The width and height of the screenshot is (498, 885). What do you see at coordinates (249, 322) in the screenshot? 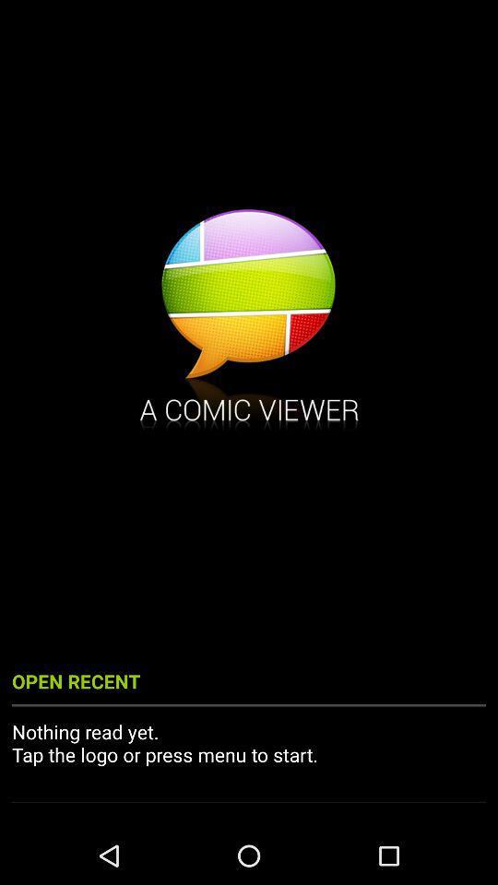
I see `the app above open recent item` at bounding box center [249, 322].